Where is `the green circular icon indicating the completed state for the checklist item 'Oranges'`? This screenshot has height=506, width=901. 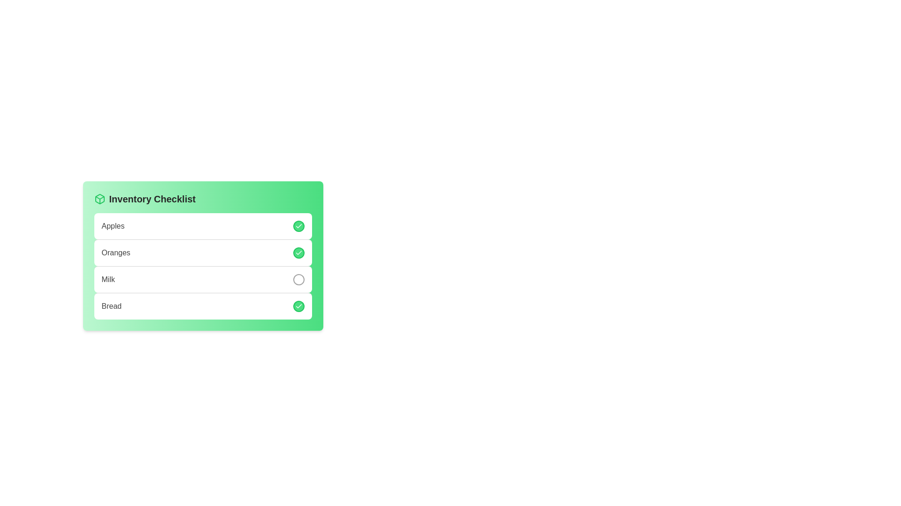 the green circular icon indicating the completed state for the checklist item 'Oranges' is located at coordinates (298, 226).